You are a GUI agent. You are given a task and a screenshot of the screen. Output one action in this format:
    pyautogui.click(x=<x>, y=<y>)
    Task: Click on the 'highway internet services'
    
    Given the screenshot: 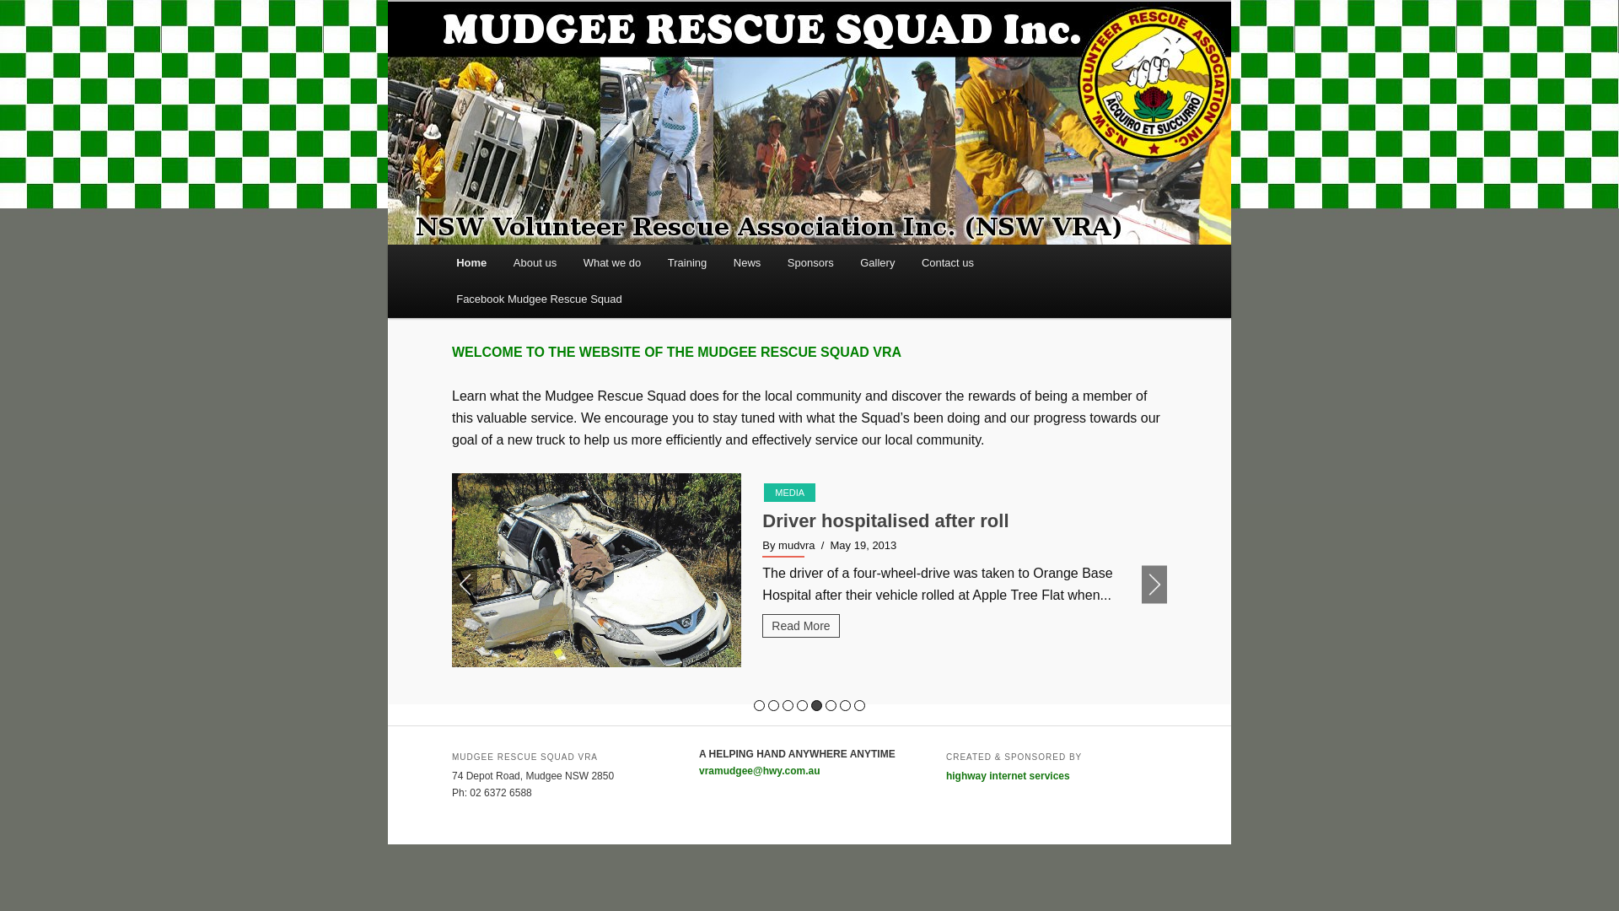 What is the action you would take?
    pyautogui.click(x=1008, y=776)
    